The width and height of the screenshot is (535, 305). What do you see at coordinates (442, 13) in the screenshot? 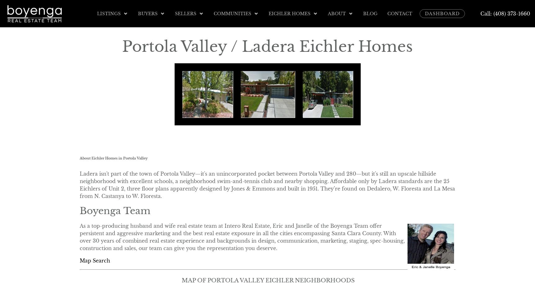
I see `'Dashboard'` at bounding box center [442, 13].